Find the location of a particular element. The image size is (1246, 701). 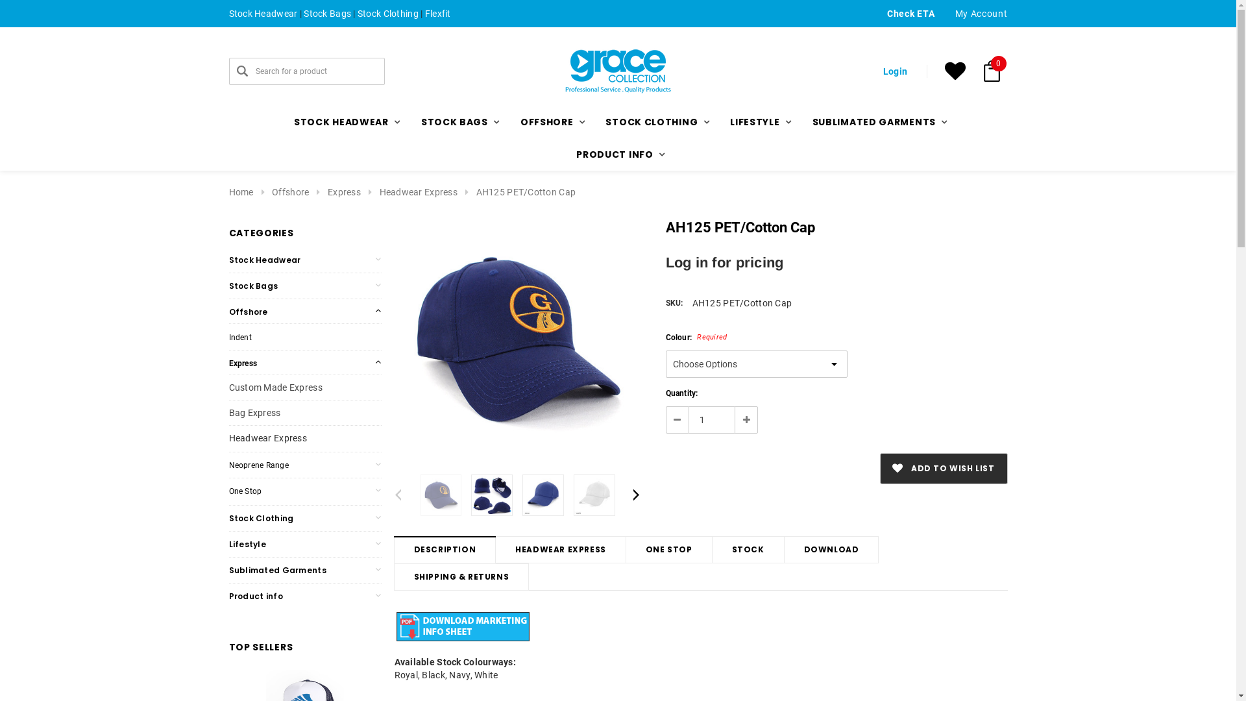

'Home' is located at coordinates (240, 192).